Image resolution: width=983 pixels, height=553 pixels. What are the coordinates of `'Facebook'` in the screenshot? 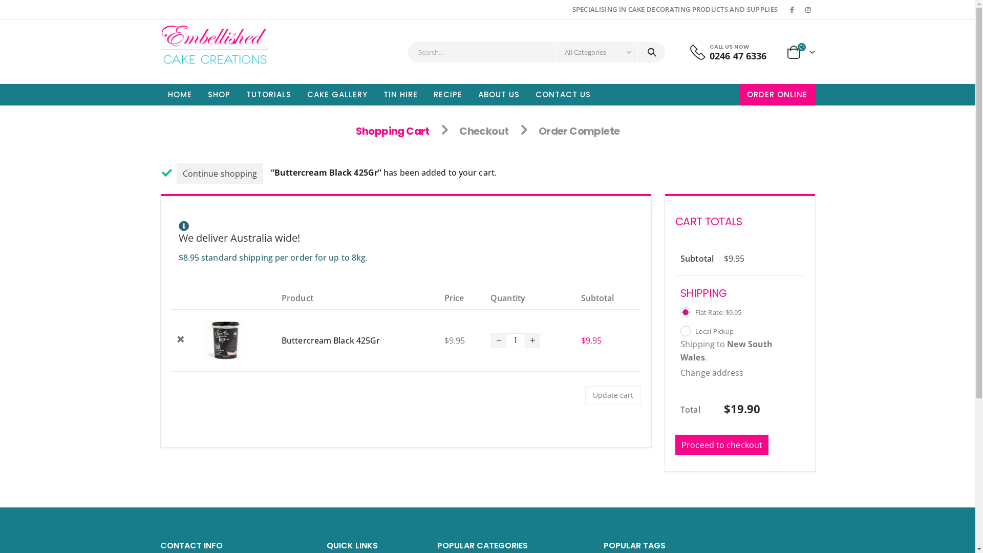 It's located at (791, 10).